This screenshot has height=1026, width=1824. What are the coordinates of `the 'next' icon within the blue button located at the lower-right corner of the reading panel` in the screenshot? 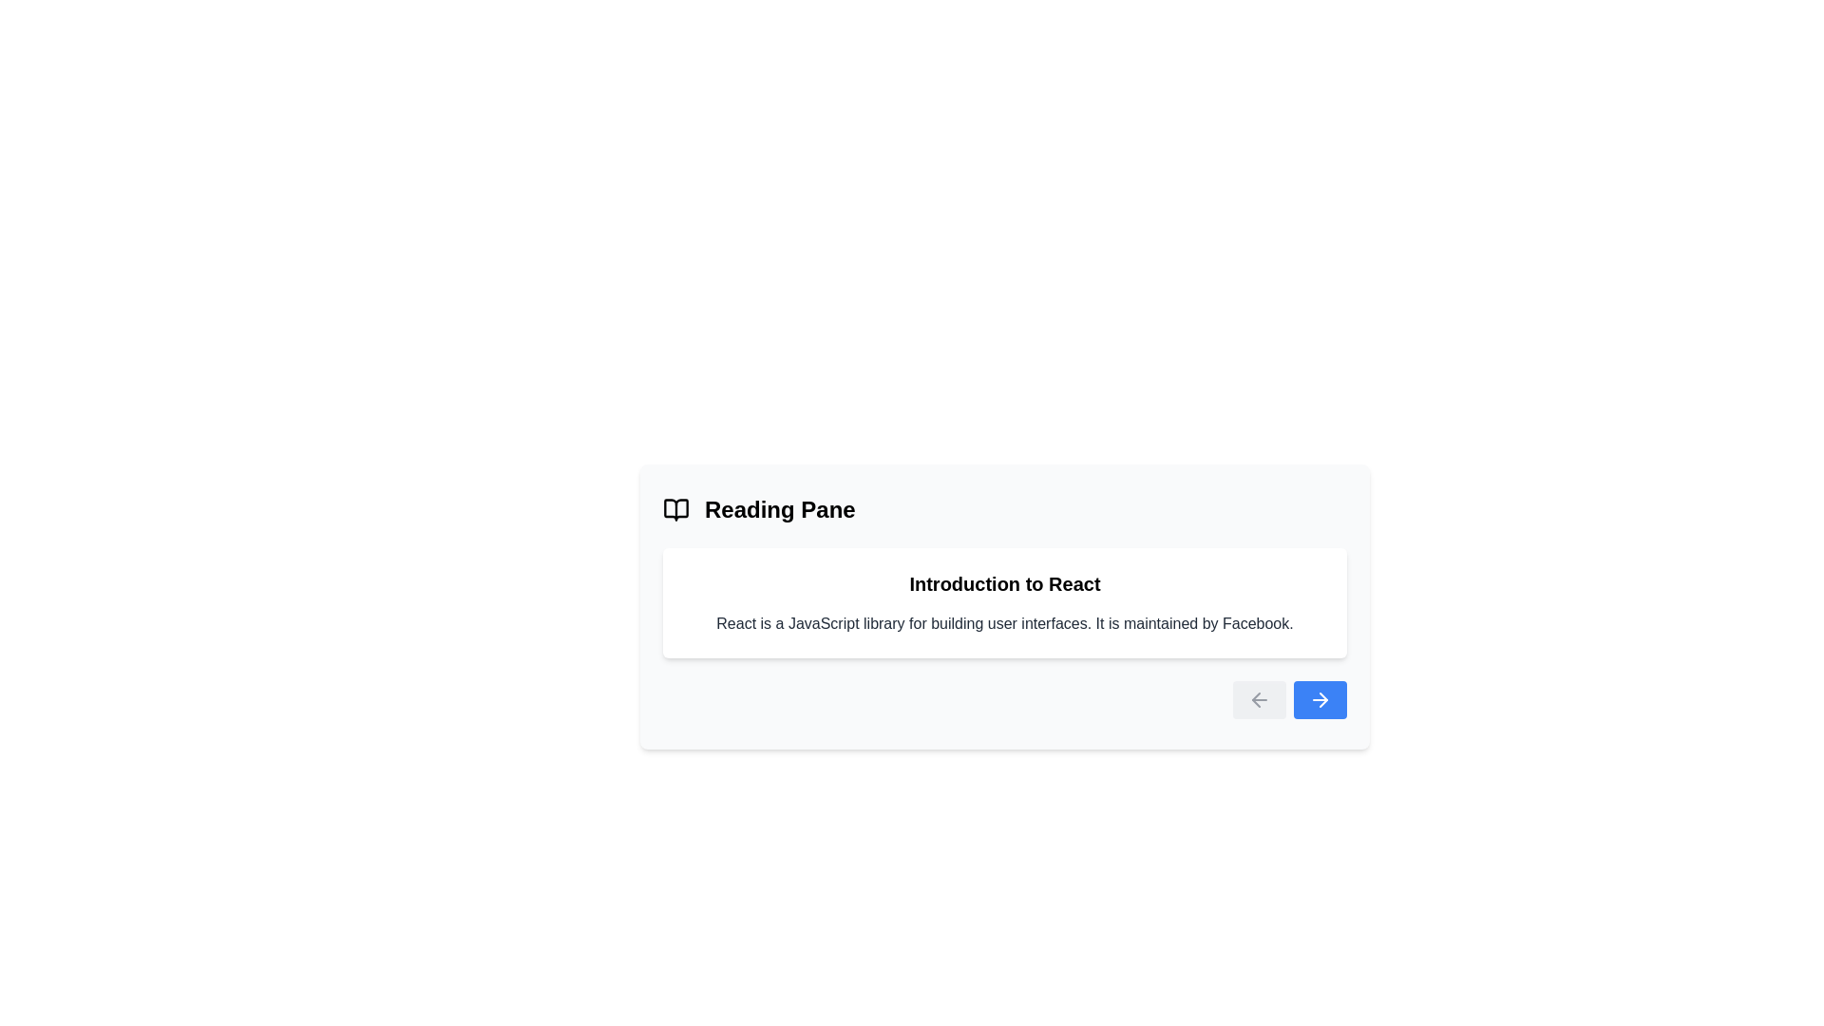 It's located at (1320, 699).